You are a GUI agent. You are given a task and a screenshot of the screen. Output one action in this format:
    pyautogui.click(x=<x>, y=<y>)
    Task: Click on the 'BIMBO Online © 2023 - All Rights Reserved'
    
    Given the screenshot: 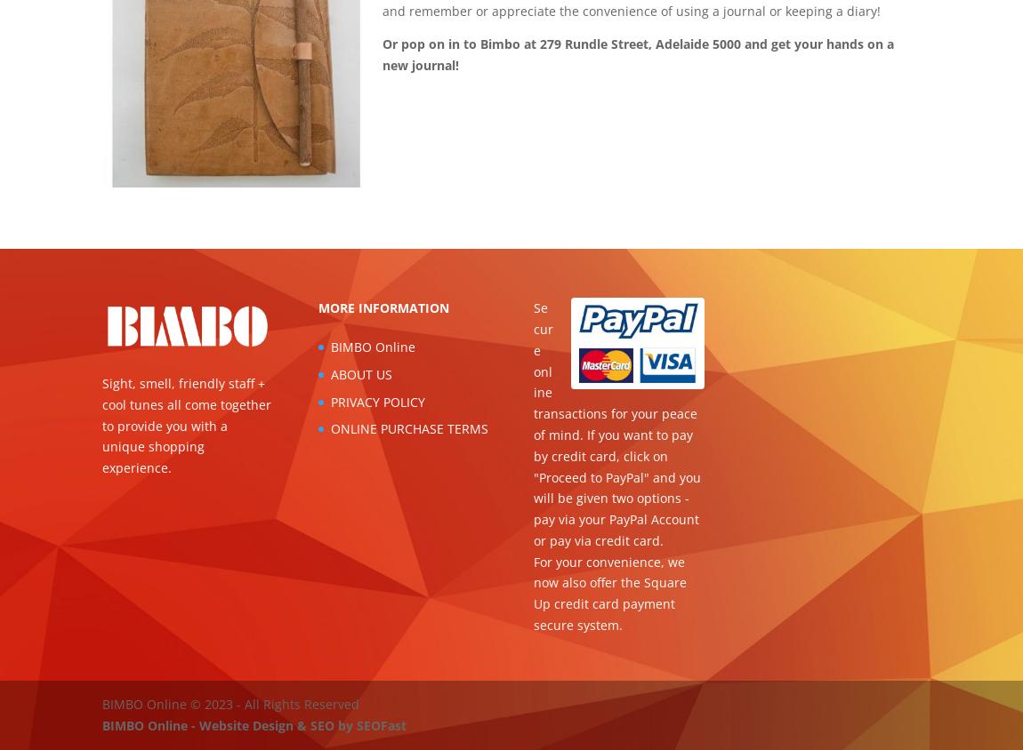 What is the action you would take?
    pyautogui.click(x=230, y=704)
    